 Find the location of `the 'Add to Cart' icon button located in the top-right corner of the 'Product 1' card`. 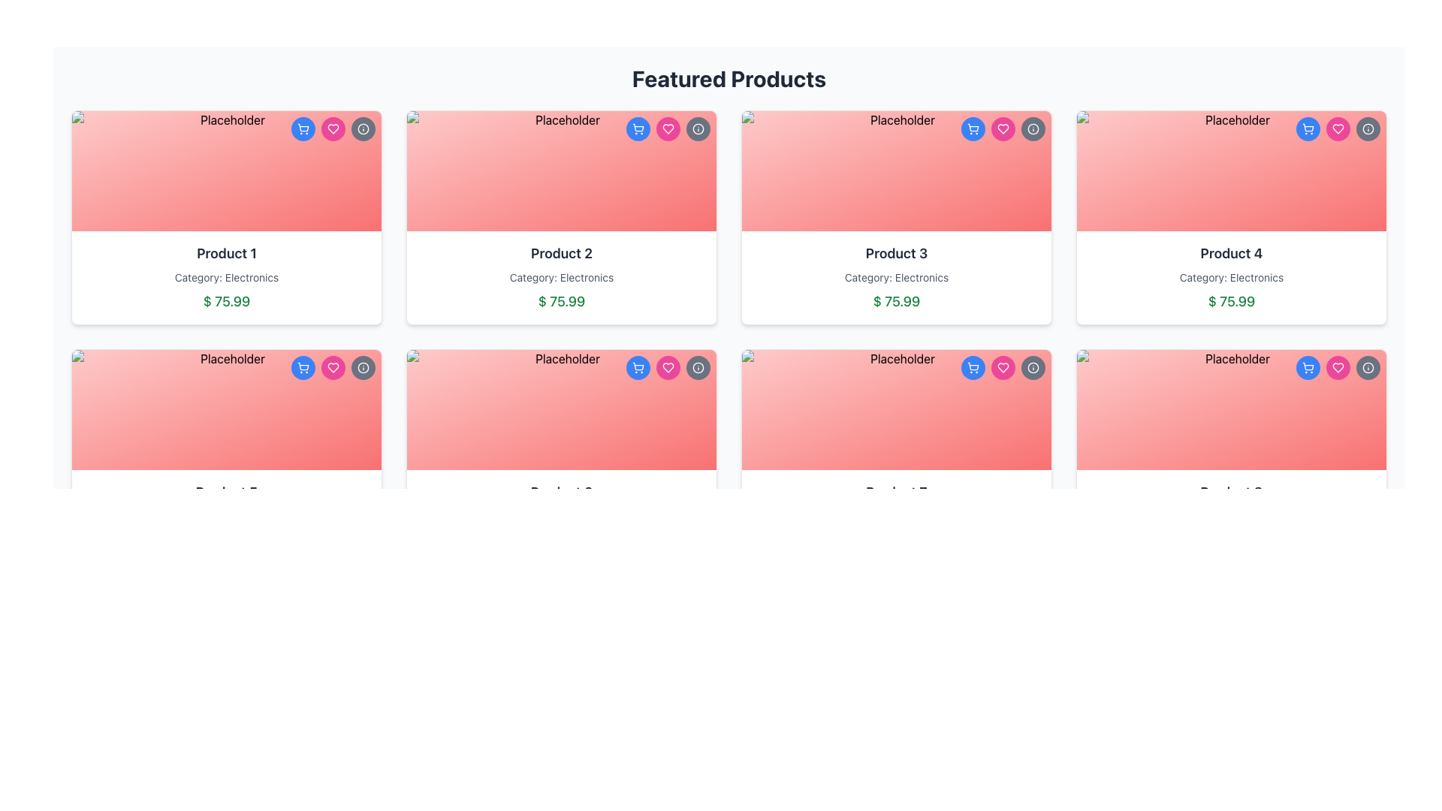

the 'Add to Cart' icon button located in the top-right corner of the 'Product 1' card is located at coordinates (302, 128).